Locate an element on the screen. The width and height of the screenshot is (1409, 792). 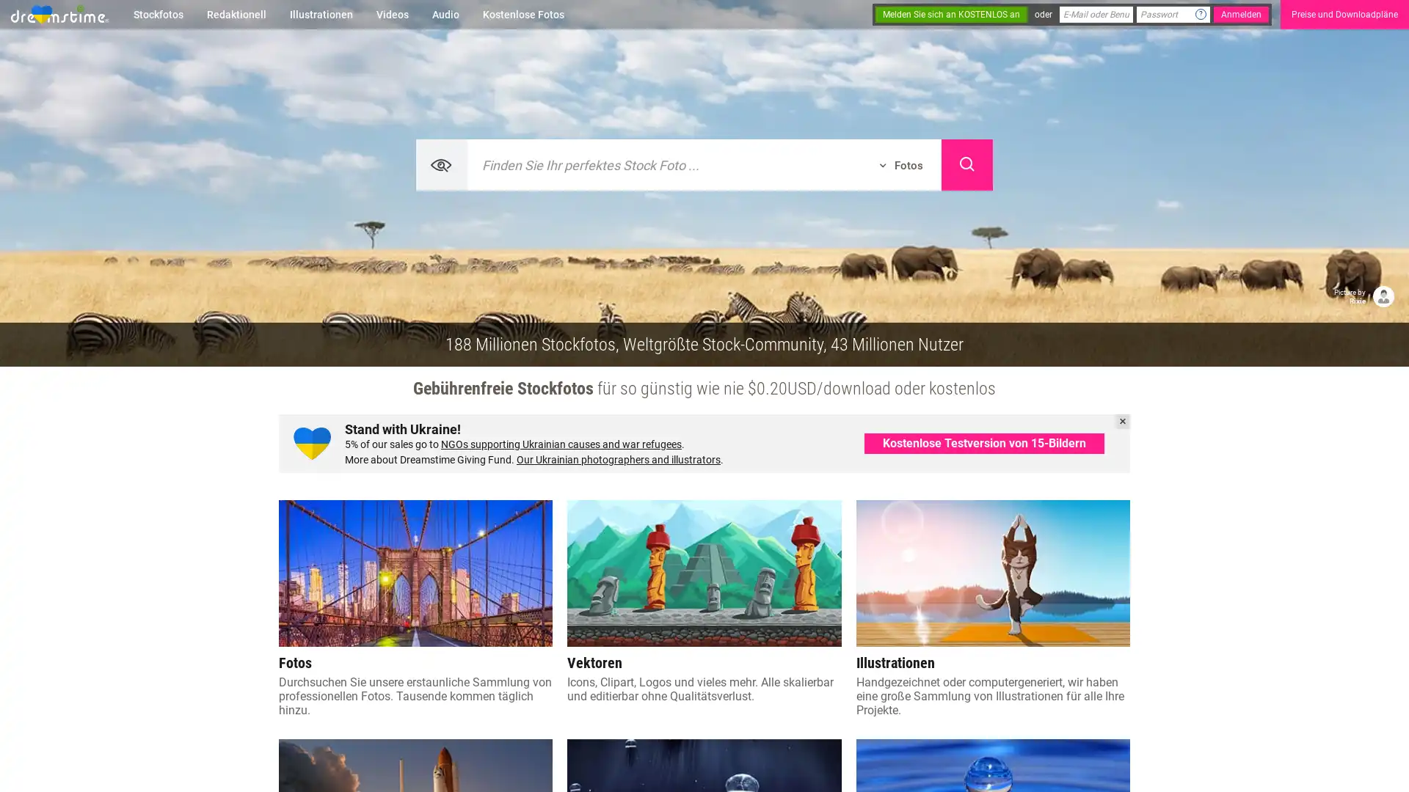
Search is located at coordinates (967, 164).